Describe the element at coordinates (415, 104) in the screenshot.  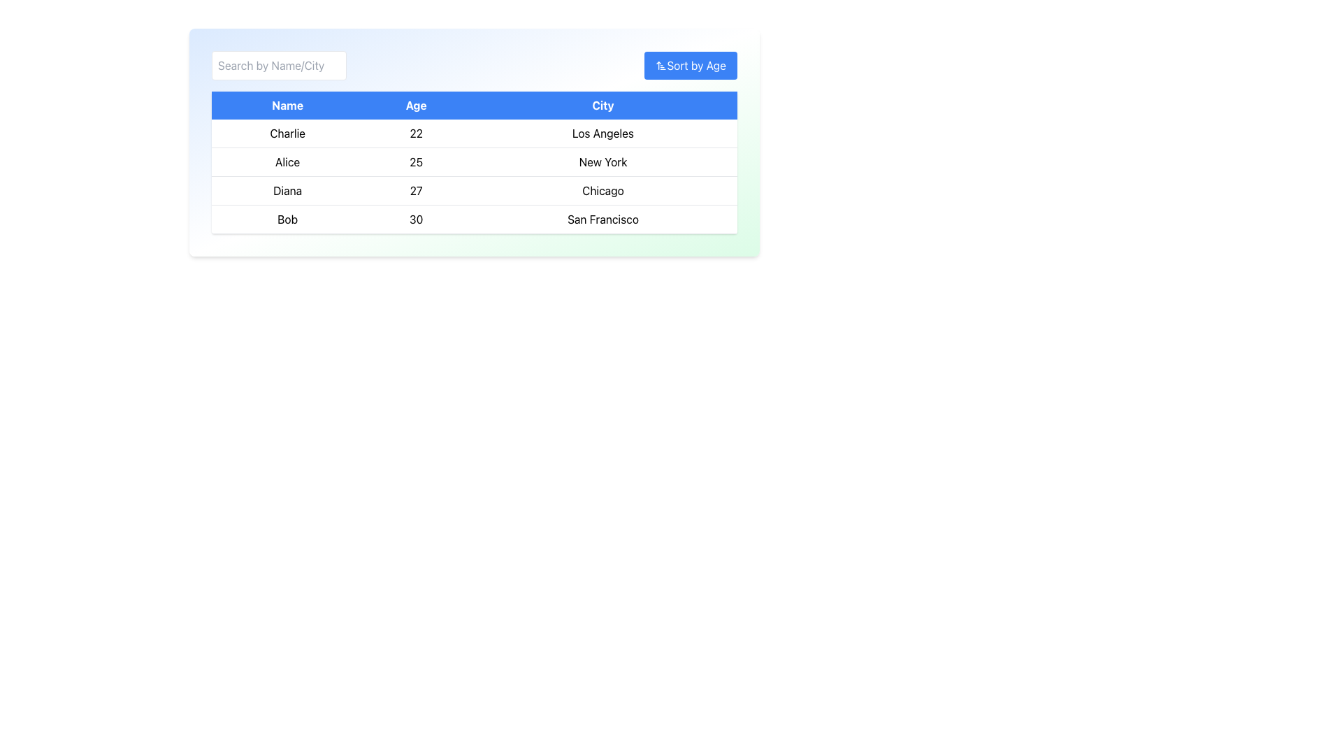
I see `the 'Age' table header cell` at that location.